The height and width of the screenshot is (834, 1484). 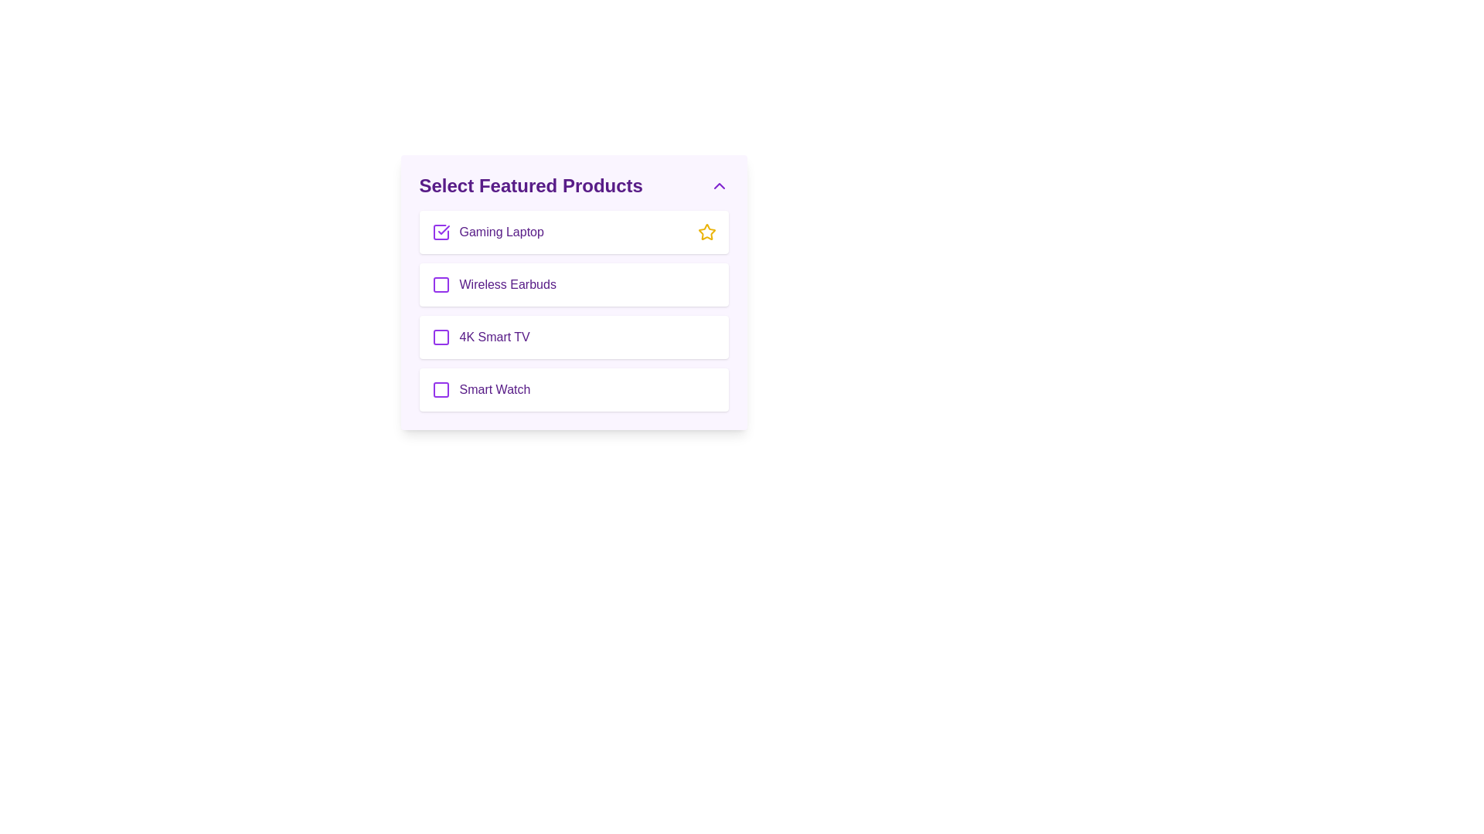 What do you see at coordinates (440, 336) in the screenshot?
I see `the checkbox with a purple border and transparent background located left of the '4K Smart TV' label` at bounding box center [440, 336].